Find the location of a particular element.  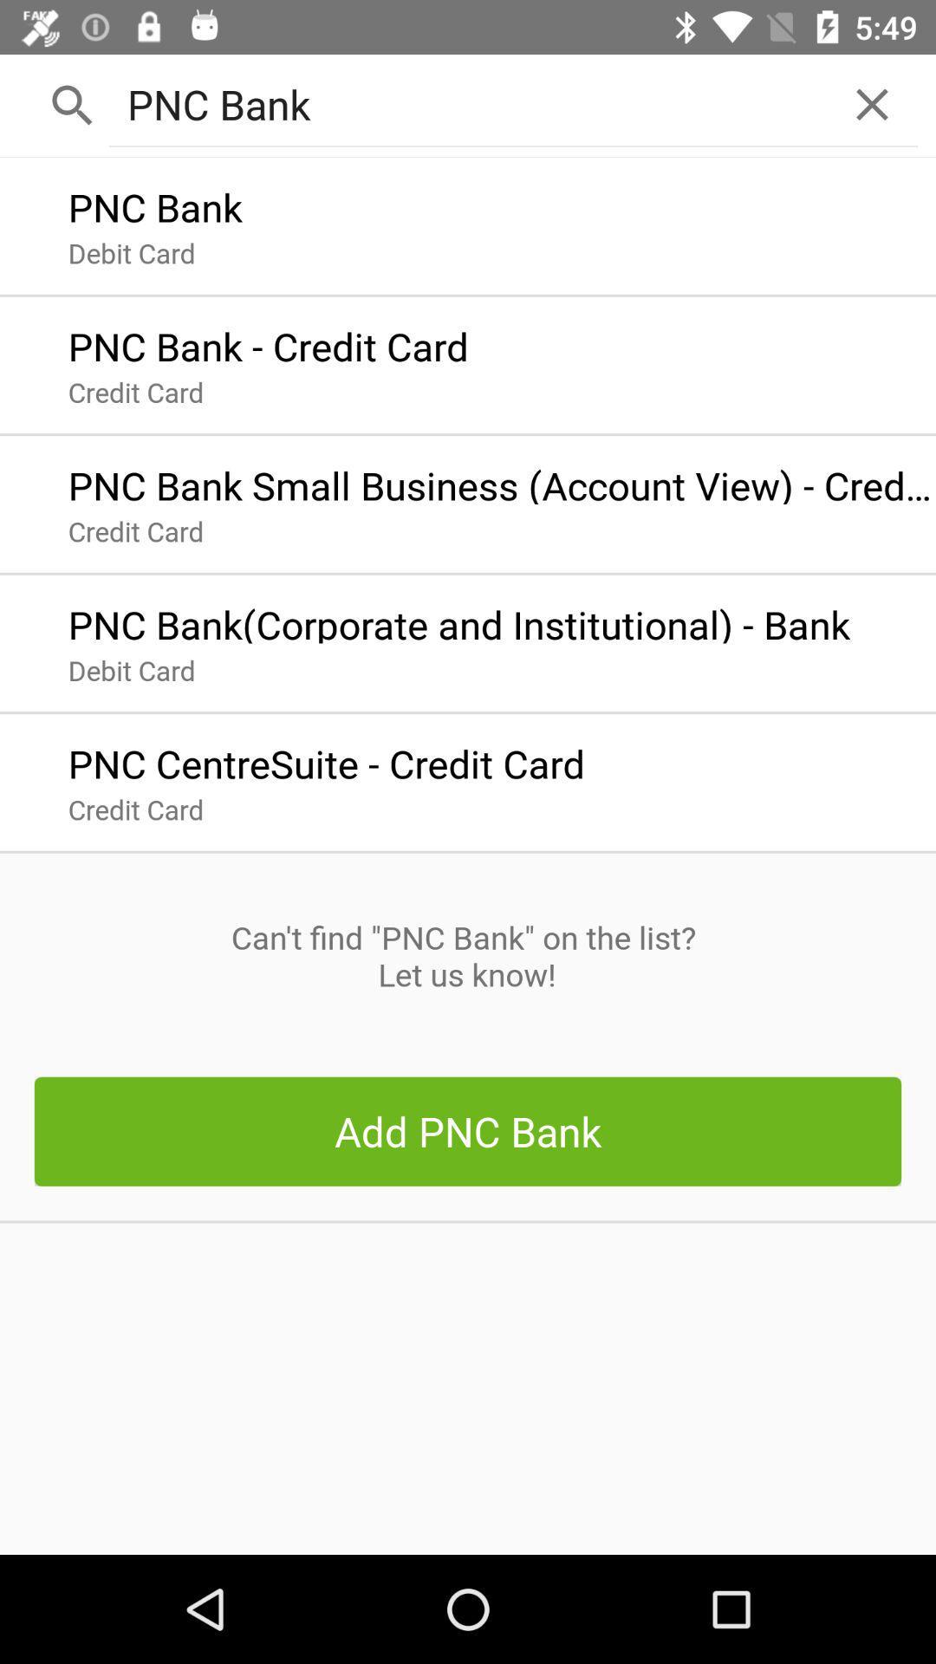

app below the debit card app is located at coordinates (326, 759).